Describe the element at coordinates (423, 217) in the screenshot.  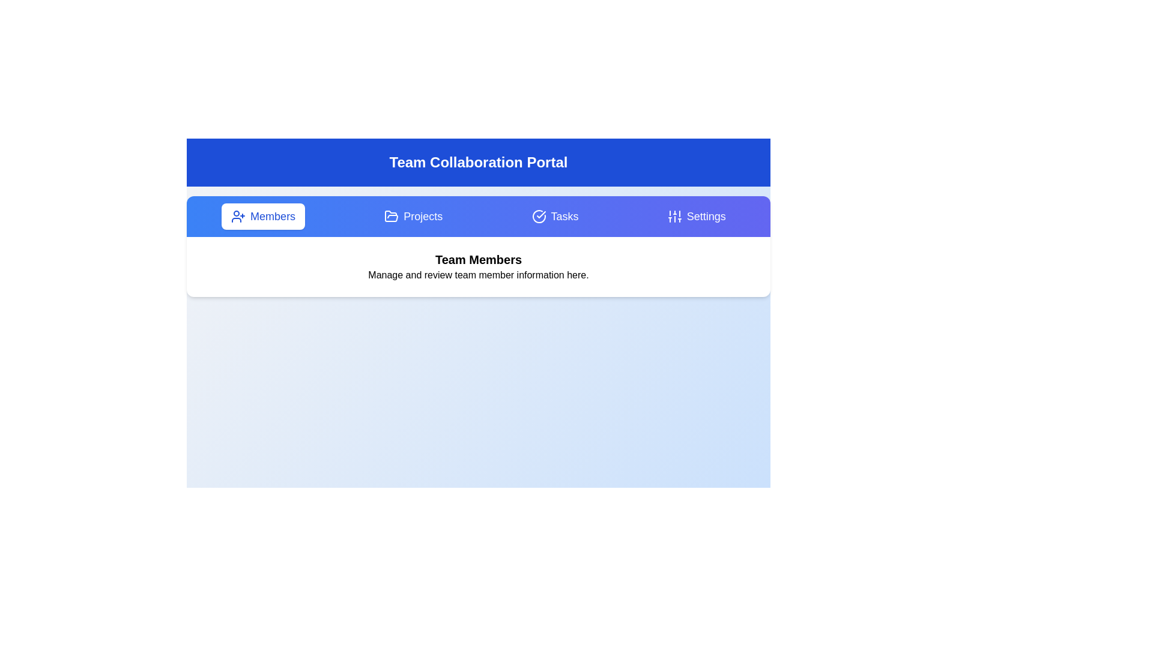
I see `the 'Projects' navigation item in the top horizontal menu` at that location.